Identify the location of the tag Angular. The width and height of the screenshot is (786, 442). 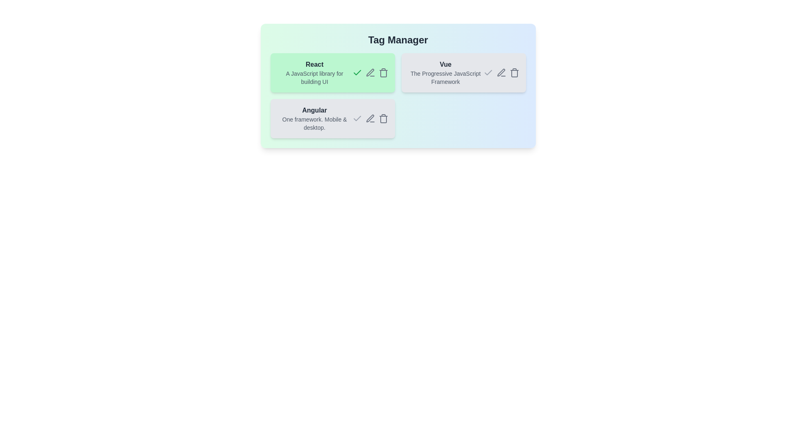
(332, 118).